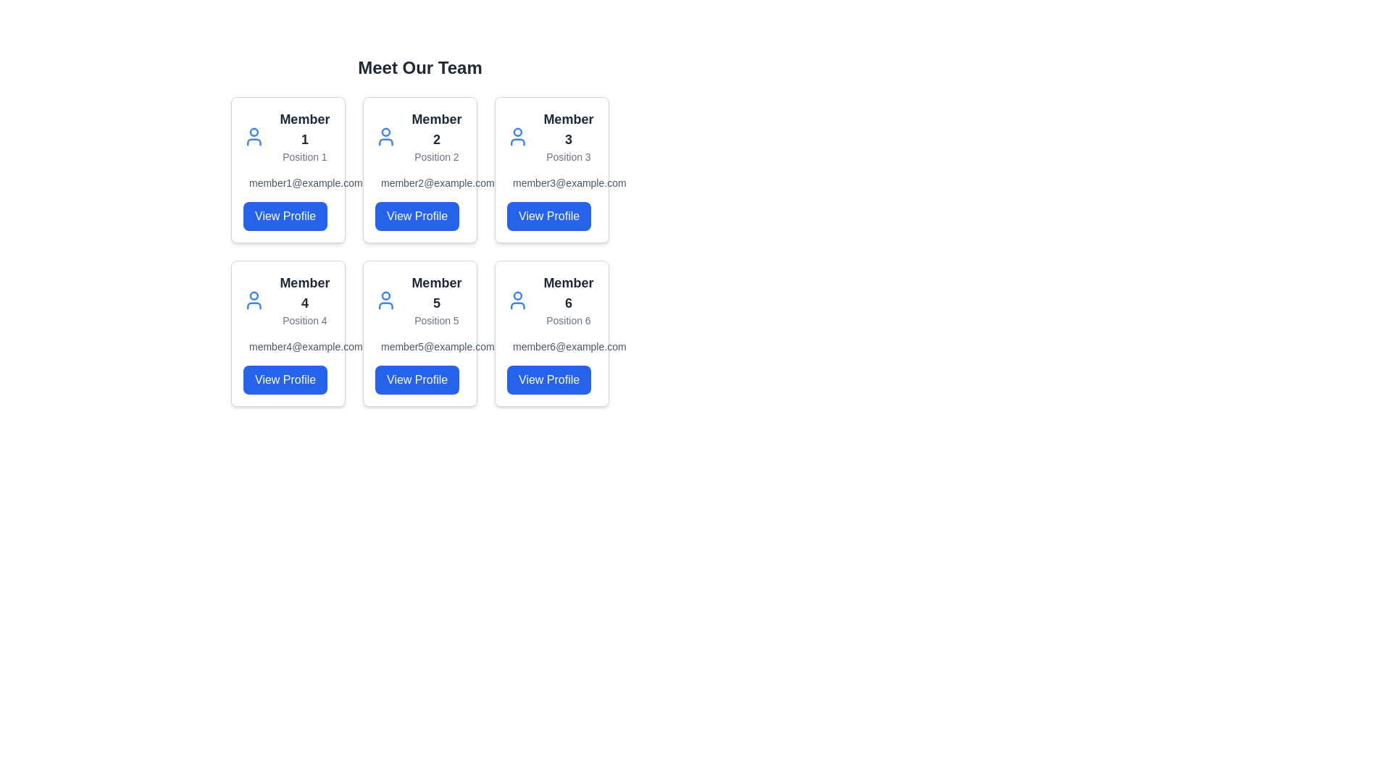 The height and width of the screenshot is (782, 1391). I want to click on the static text element that serves as the title or label for the team member card, located directly above the text 'Position 2' in the second card from the left in the top row of a grid layout, so click(435, 128).